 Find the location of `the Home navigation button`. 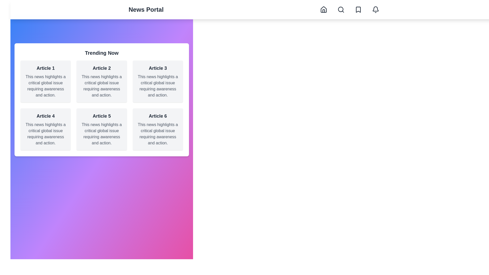

the Home navigation button is located at coordinates (323, 10).